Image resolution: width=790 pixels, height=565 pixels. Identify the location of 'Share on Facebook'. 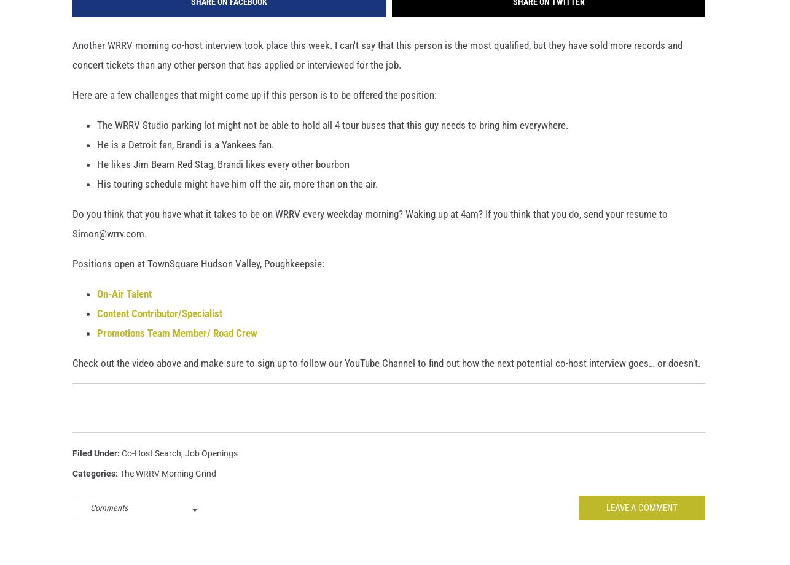
(228, 21).